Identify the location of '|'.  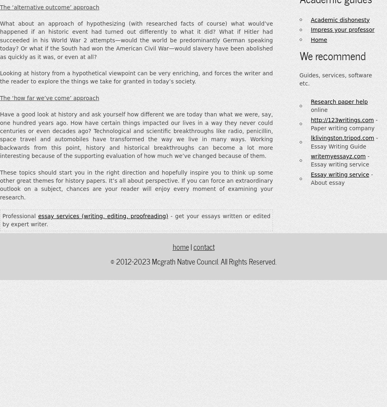
(190, 245).